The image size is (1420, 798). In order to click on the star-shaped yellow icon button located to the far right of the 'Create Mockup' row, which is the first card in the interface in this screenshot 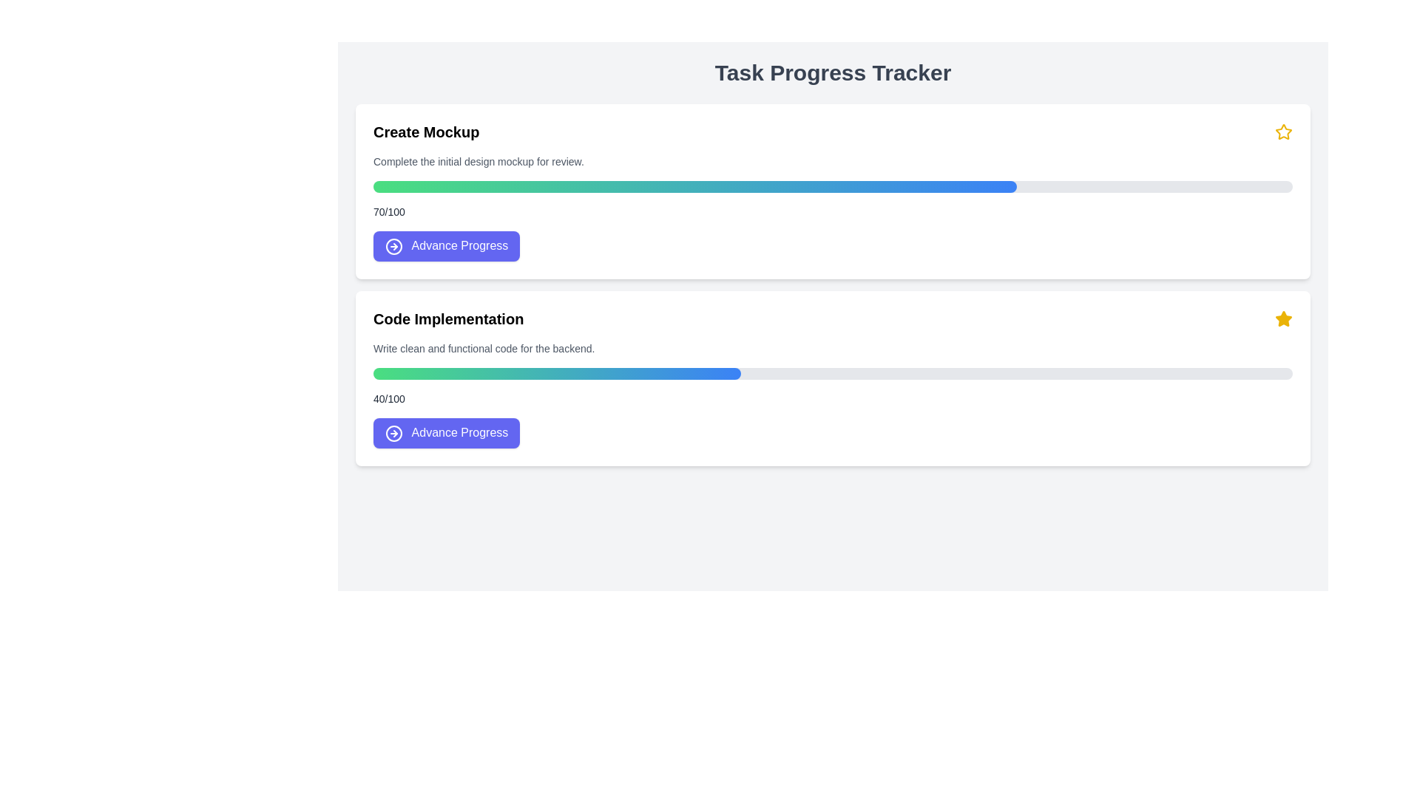, I will do `click(1283, 131)`.